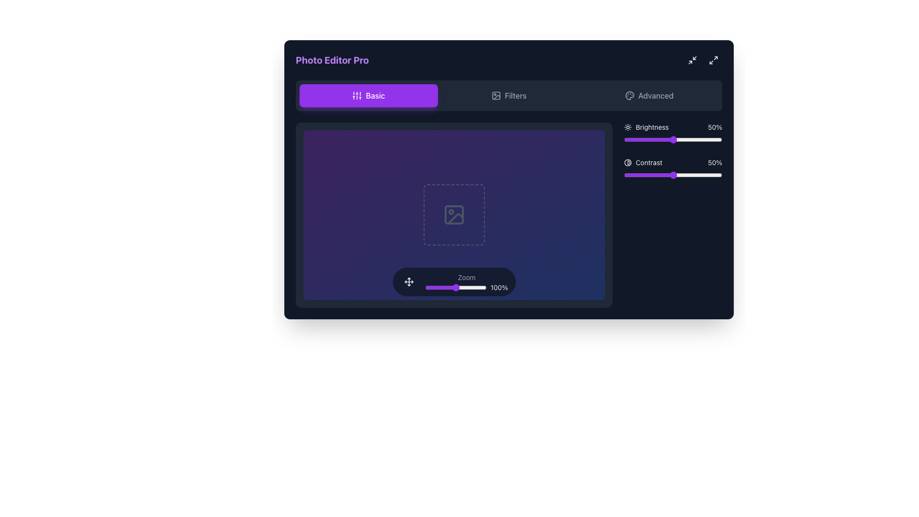 The width and height of the screenshot is (919, 517). Describe the element at coordinates (692, 60) in the screenshot. I see `the minimize button located in the top-right corner of the application` at that location.